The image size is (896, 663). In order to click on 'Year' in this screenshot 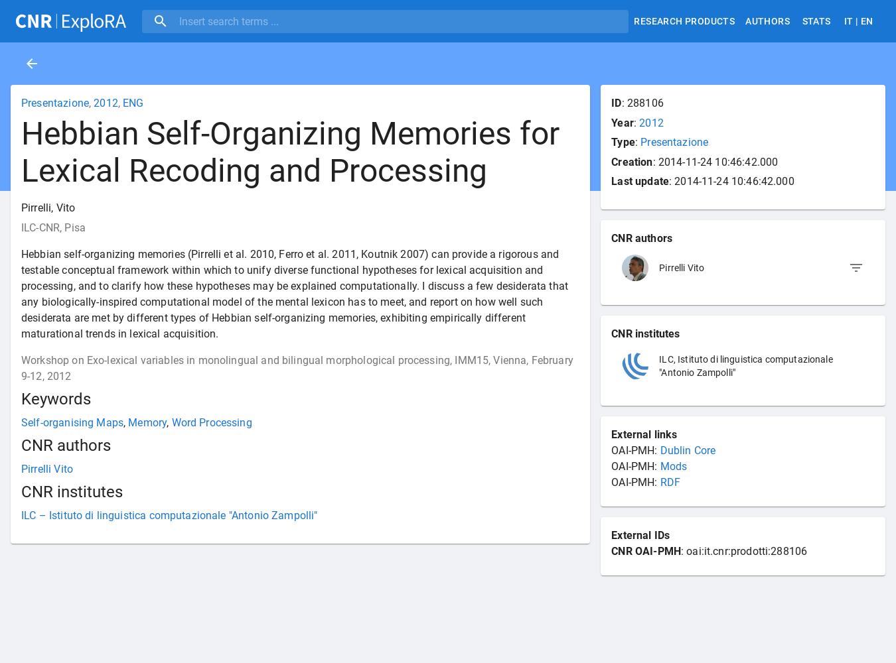, I will do `click(621, 122)`.